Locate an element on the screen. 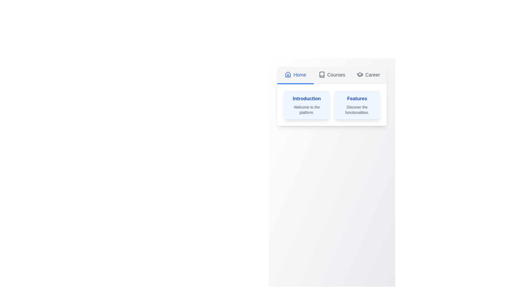  the informational card titled 'Features' with a light blue background and rounded corners located in the top right area of the layout is located at coordinates (357, 105).